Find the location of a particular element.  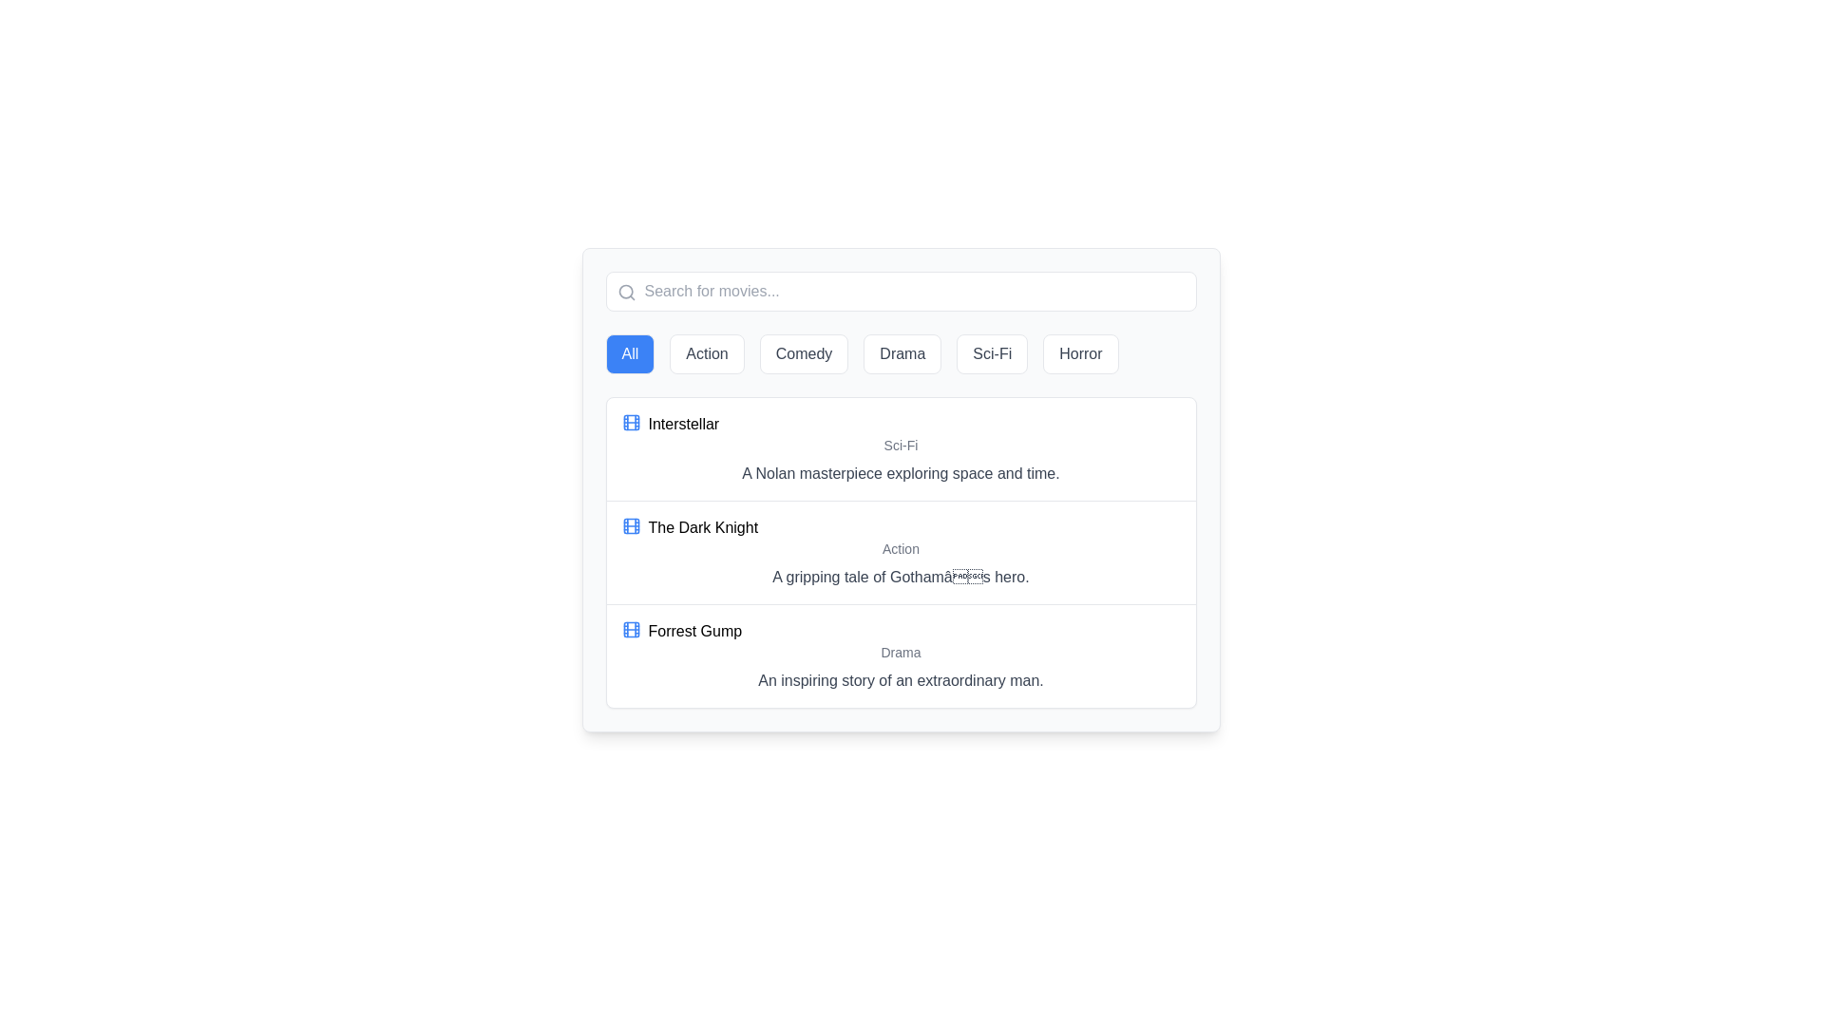

the smaller circular SVG Circle Element that is part of the search icon's magnifying glass representation, located near the top-left corner of the interface within the search bar area is located at coordinates (625, 292).